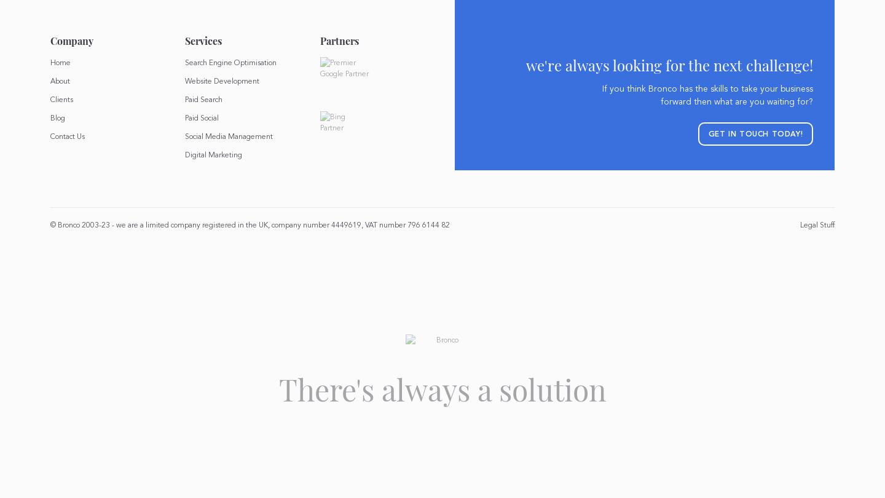  I want to click on 'Contact Us', so click(50, 136).